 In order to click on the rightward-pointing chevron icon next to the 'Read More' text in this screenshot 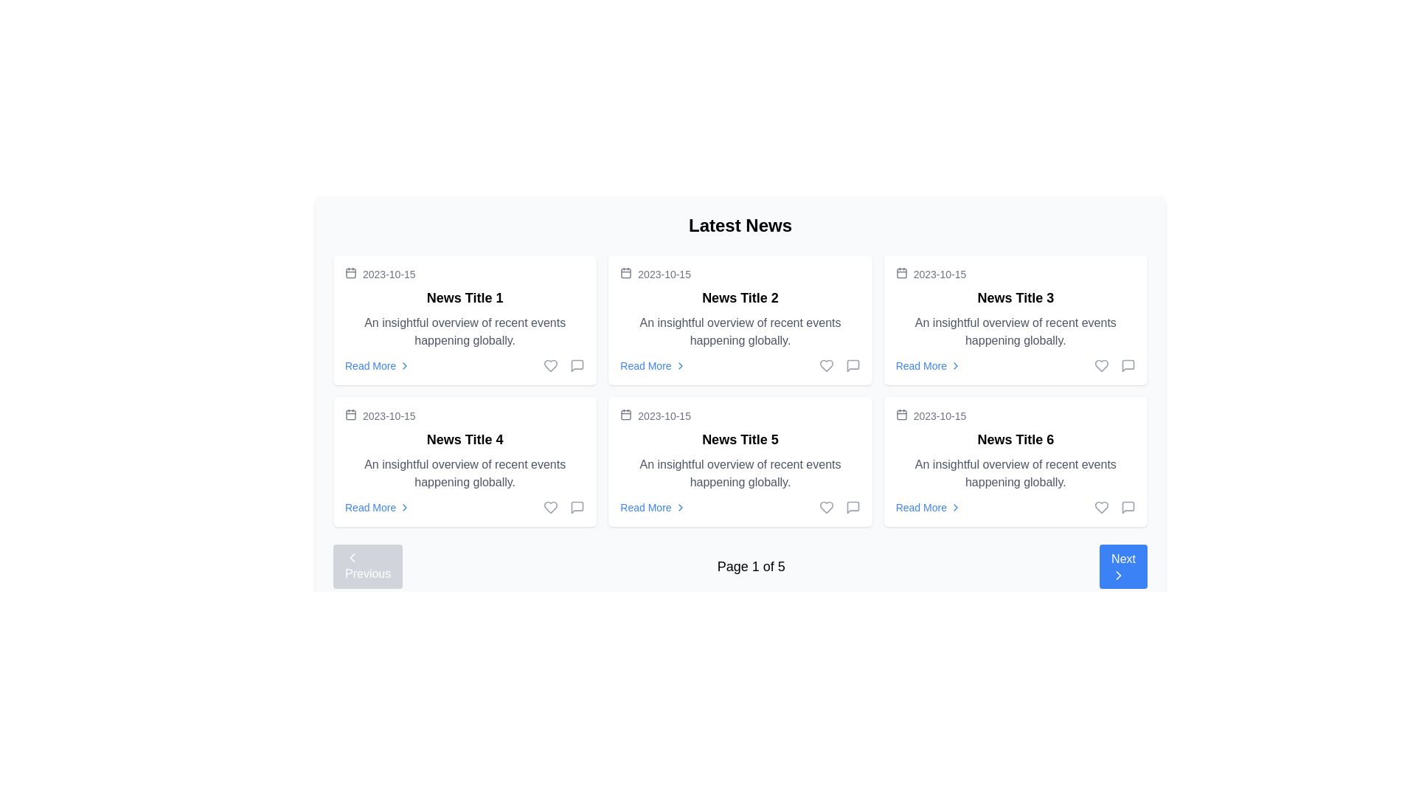, I will do `click(405, 365)`.